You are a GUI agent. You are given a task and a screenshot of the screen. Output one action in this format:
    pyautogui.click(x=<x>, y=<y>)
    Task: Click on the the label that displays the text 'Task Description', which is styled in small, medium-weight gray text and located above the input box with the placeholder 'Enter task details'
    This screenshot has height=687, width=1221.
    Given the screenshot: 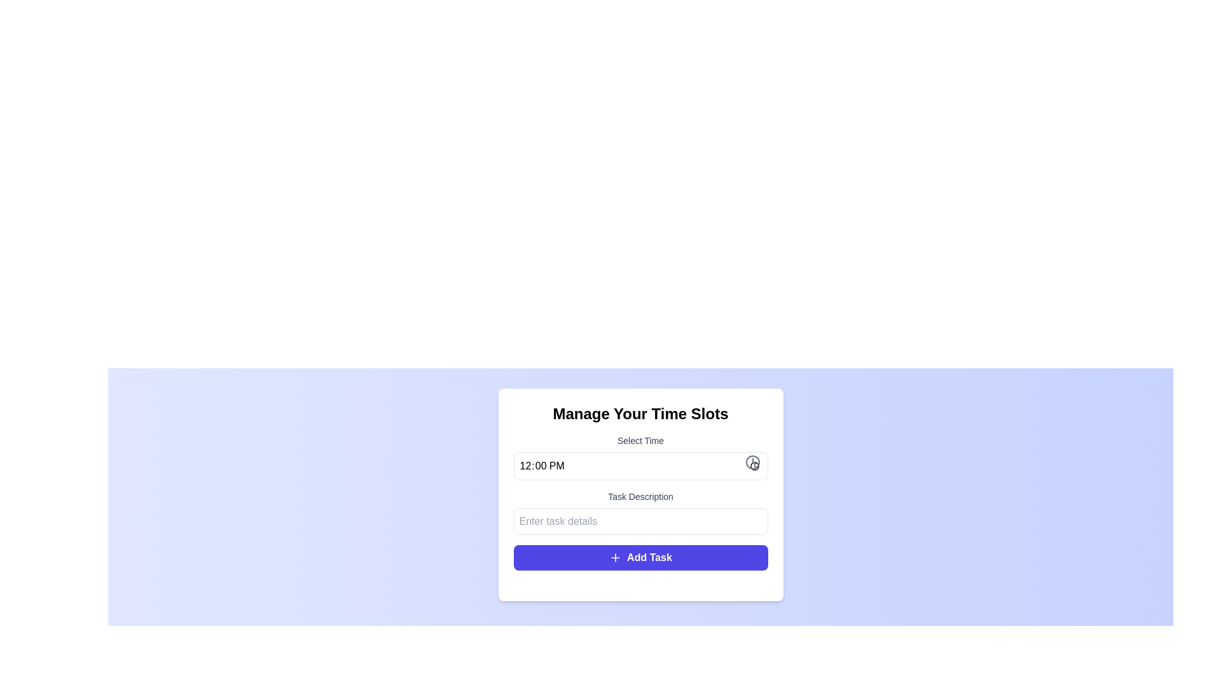 What is the action you would take?
    pyautogui.click(x=640, y=496)
    